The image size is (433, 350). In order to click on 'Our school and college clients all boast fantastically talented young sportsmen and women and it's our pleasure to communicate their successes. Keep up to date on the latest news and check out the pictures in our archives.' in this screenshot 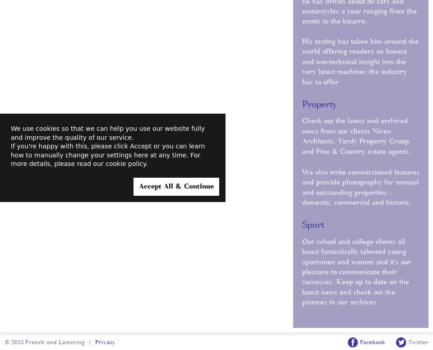, I will do `click(357, 272)`.